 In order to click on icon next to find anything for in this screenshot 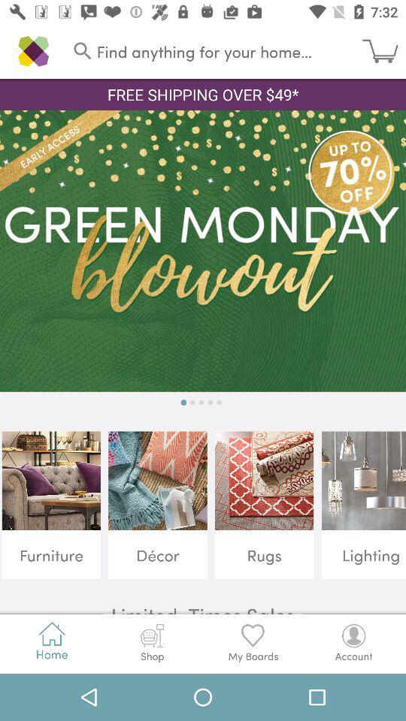, I will do `click(384, 51)`.